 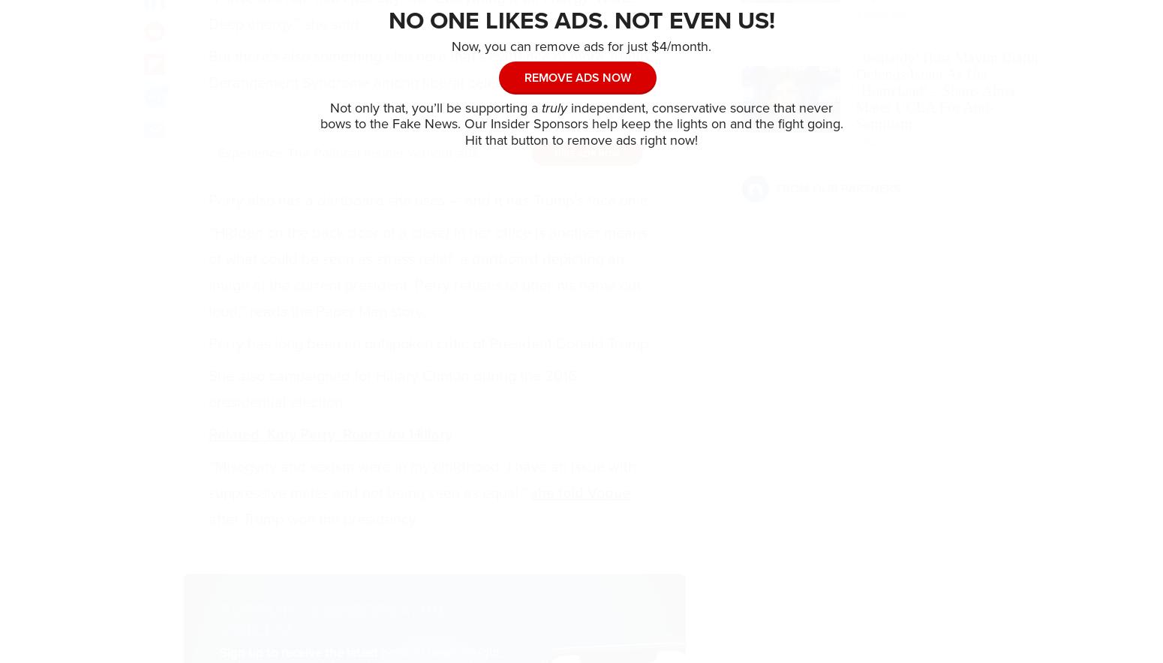 What do you see at coordinates (435, 106) in the screenshot?
I see `'Not only that, you’ll be supporting a'` at bounding box center [435, 106].